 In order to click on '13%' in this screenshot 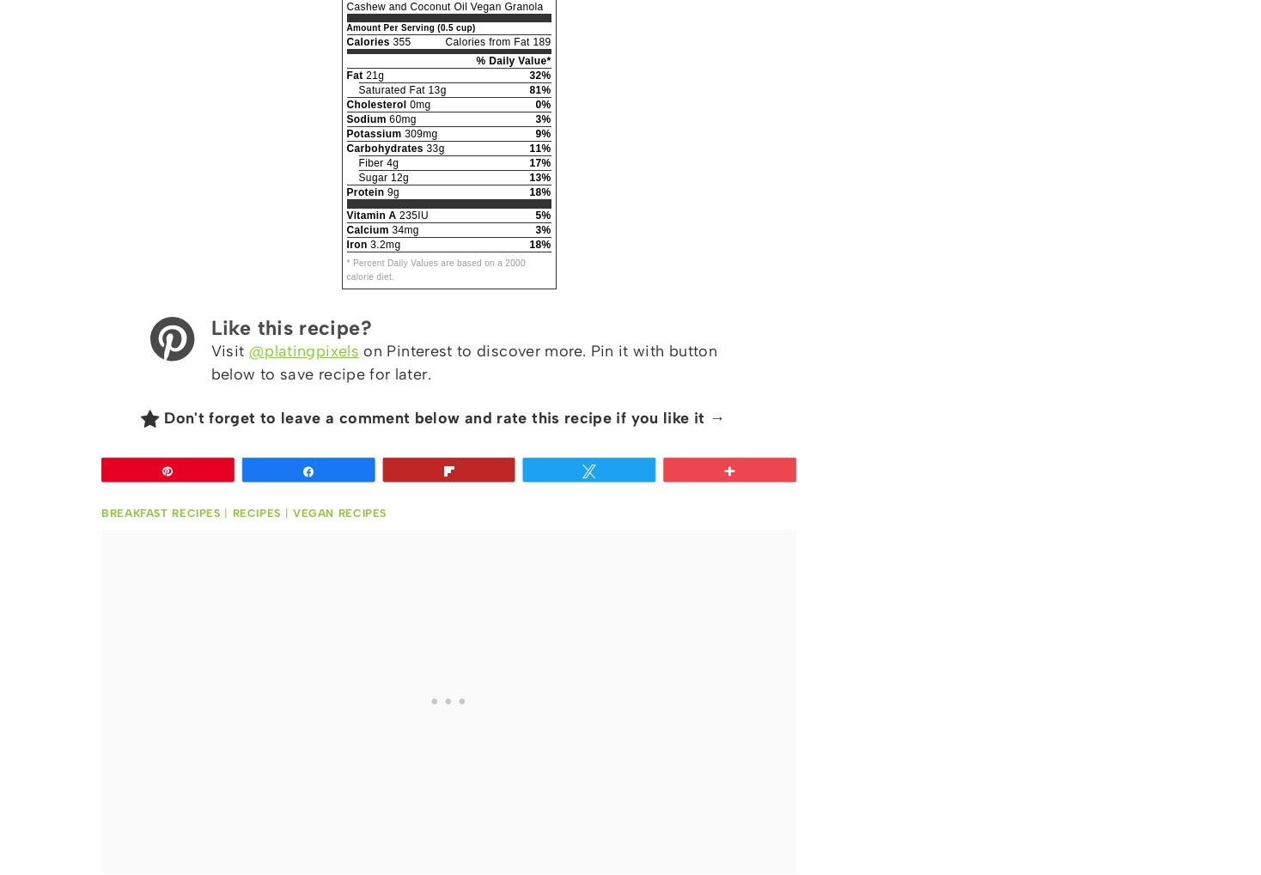, I will do `click(539, 176)`.